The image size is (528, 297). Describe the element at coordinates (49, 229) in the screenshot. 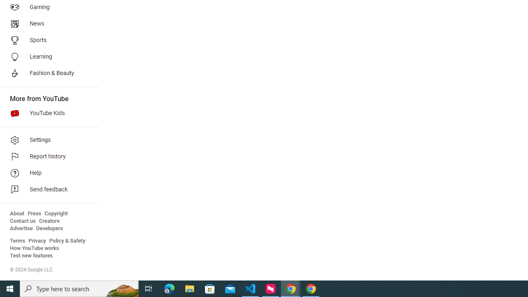

I see `'Developers'` at that location.